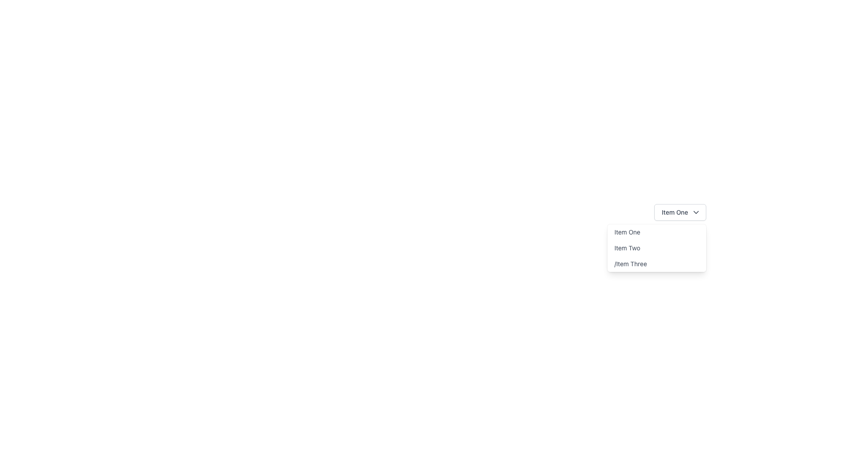 The image size is (847, 476). What do you see at coordinates (656, 232) in the screenshot?
I see `the menu item 'Item One' in the dropdown menu` at bounding box center [656, 232].